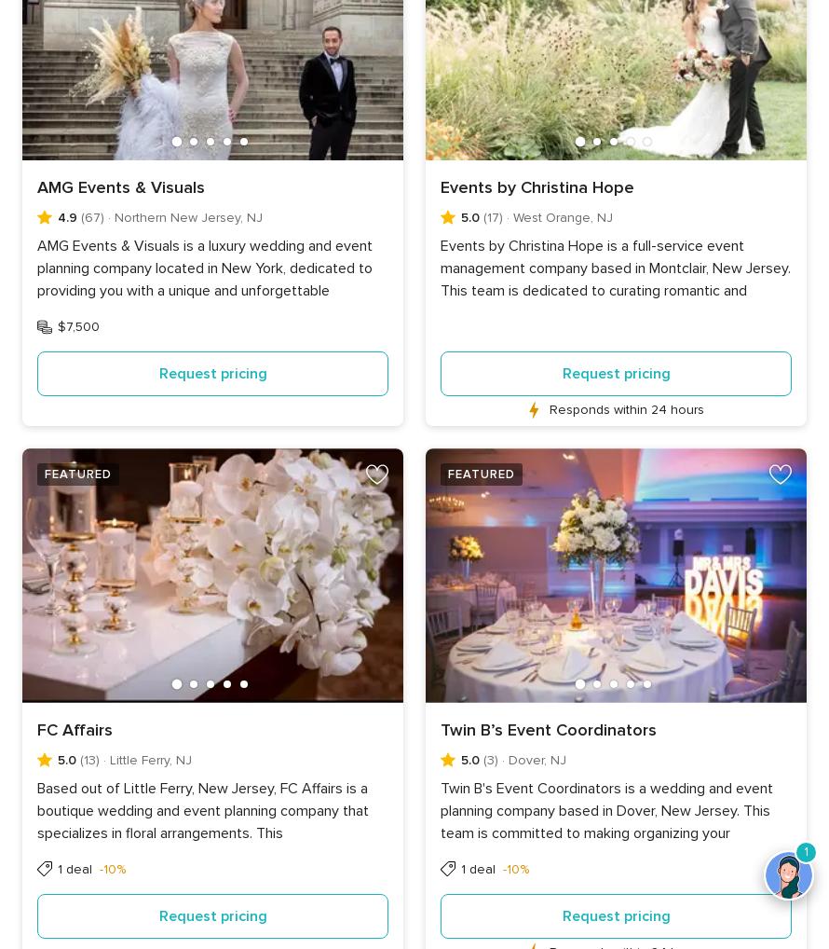 This screenshot has height=949, width=829. I want to click on 'Dover, NJ', so click(536, 759).